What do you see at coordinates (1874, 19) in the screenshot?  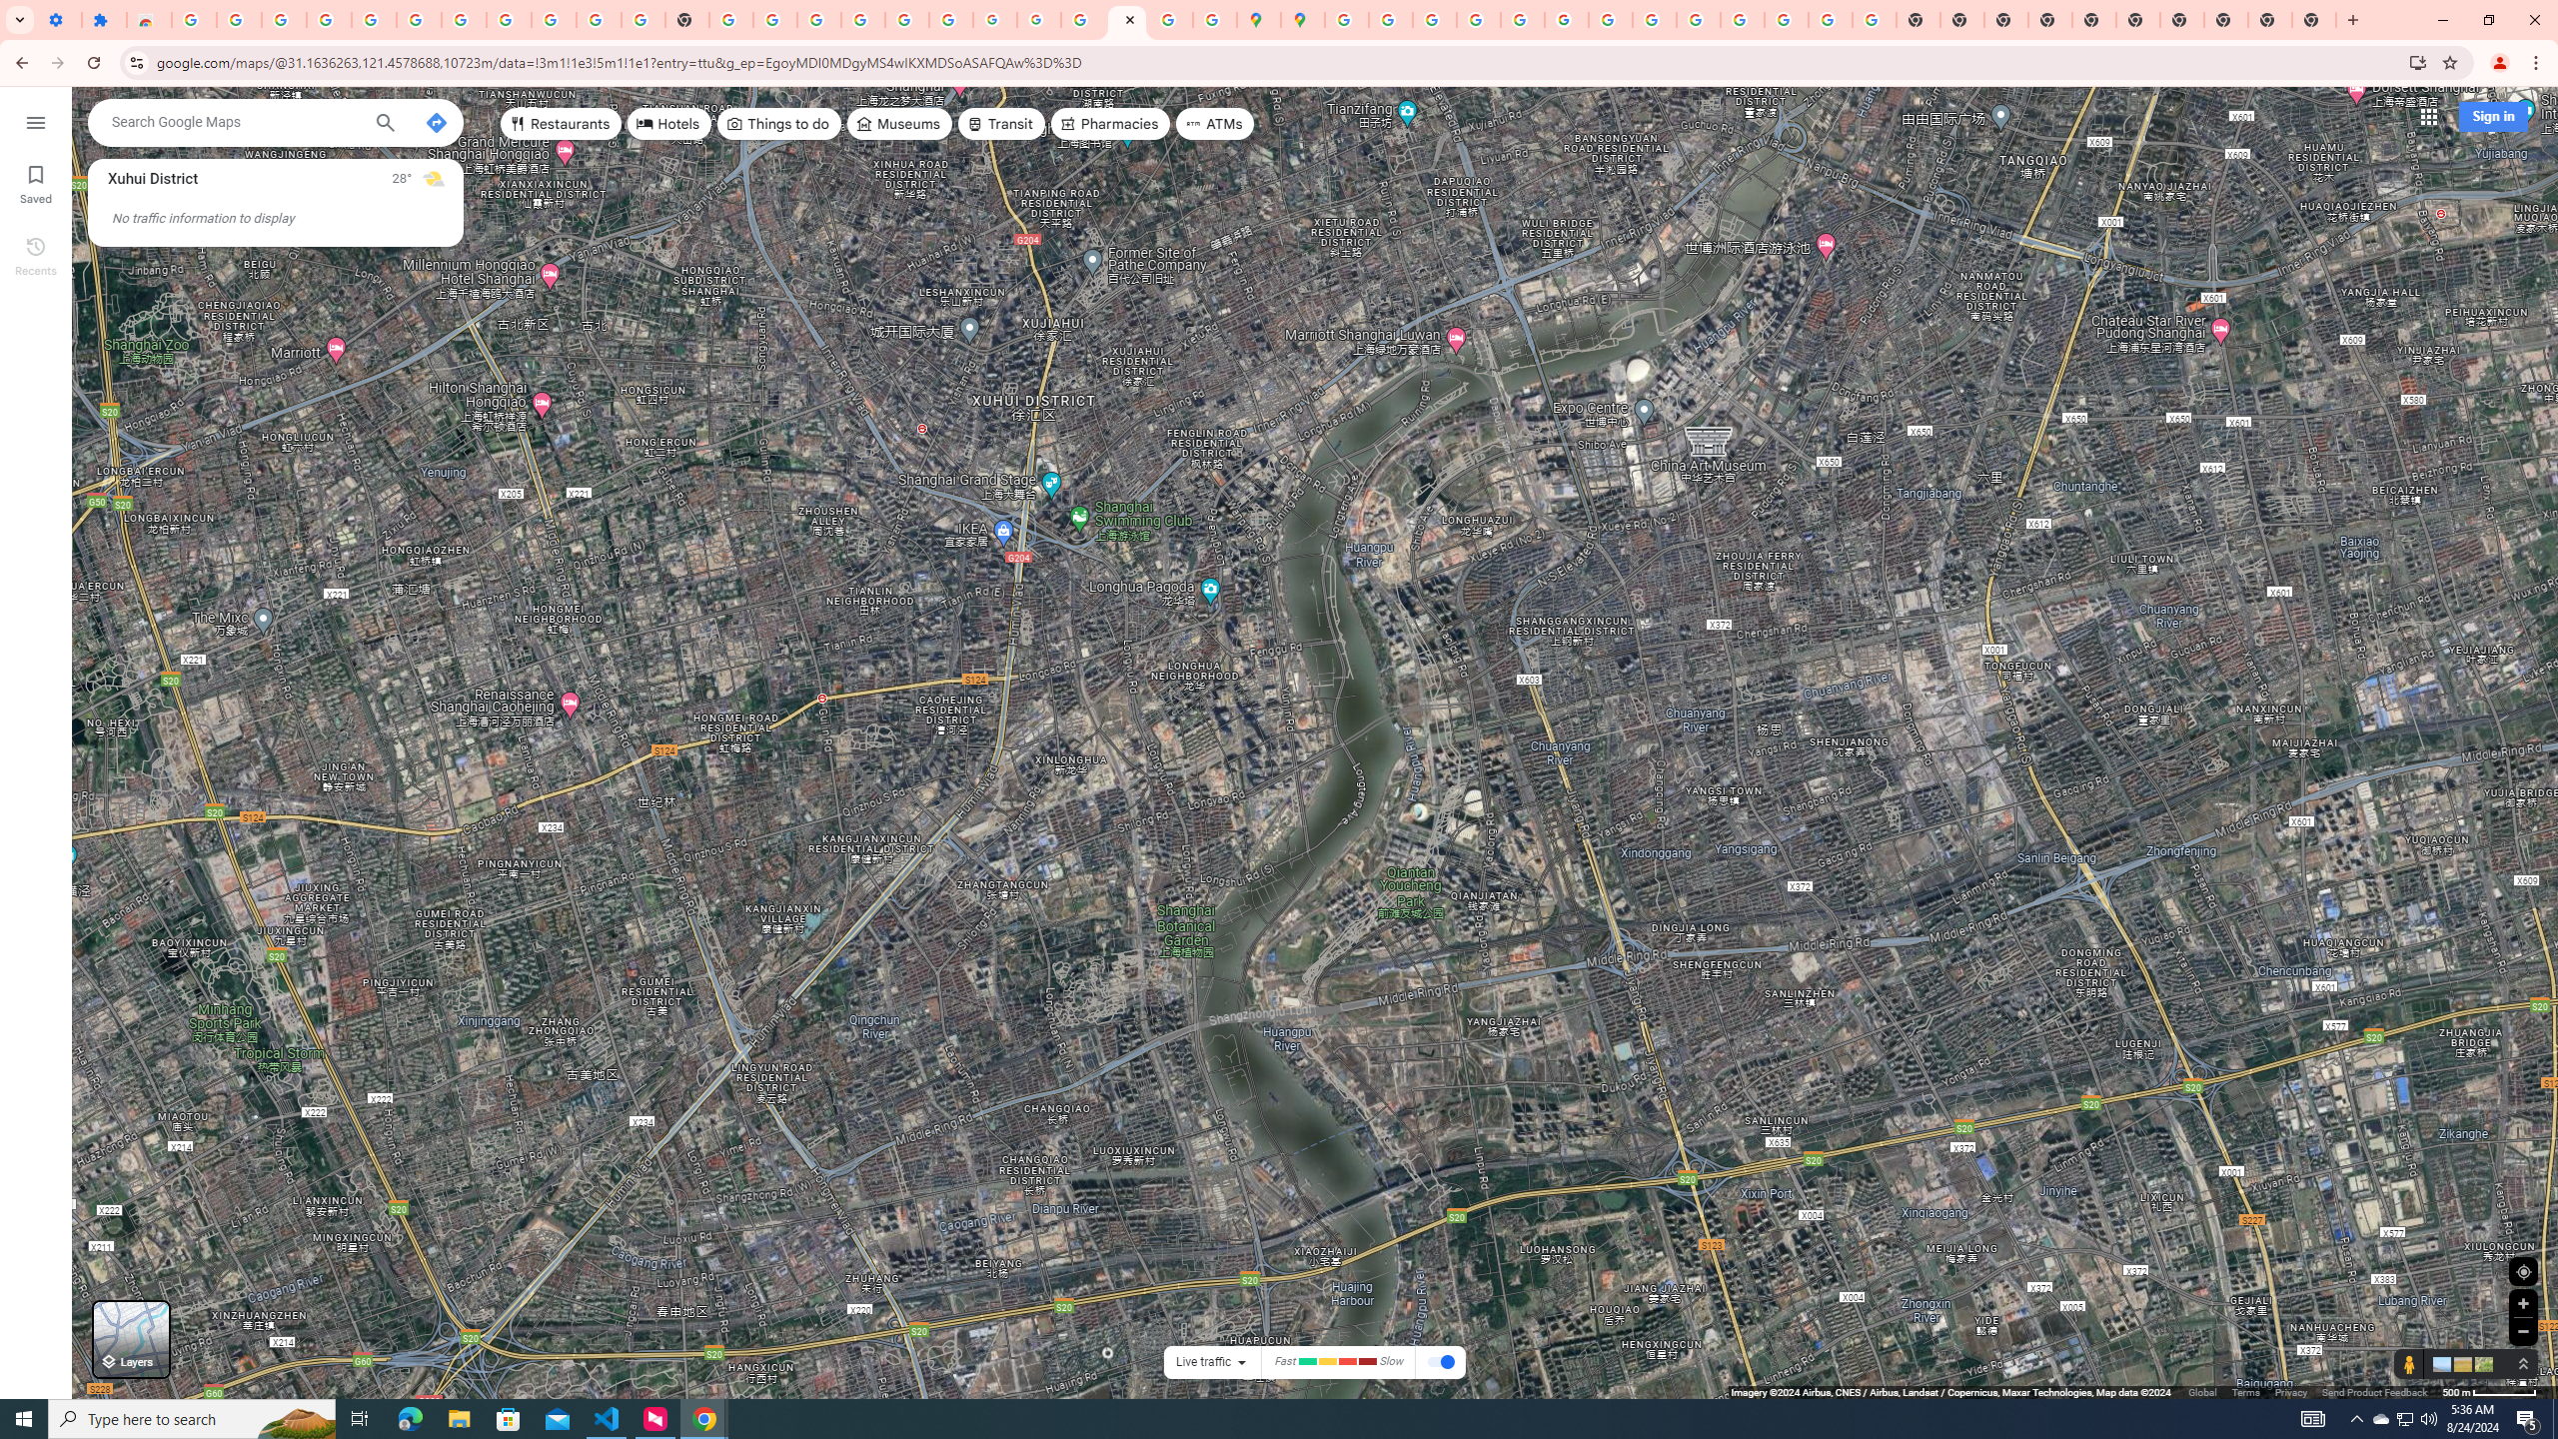 I see `'Google Images'` at bounding box center [1874, 19].